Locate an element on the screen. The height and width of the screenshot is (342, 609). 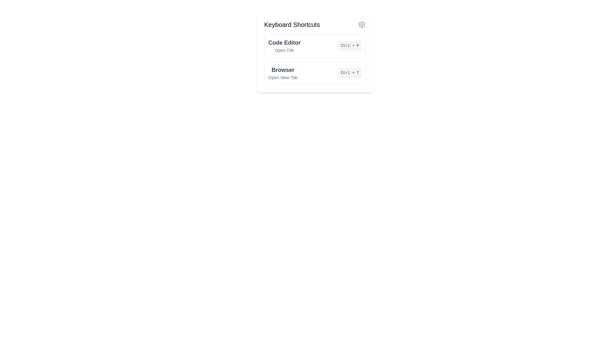
the Information Panel that presents keyboard shortcut information, located centrally below the title 'Keyboard Shortcuts' is located at coordinates (315, 60).